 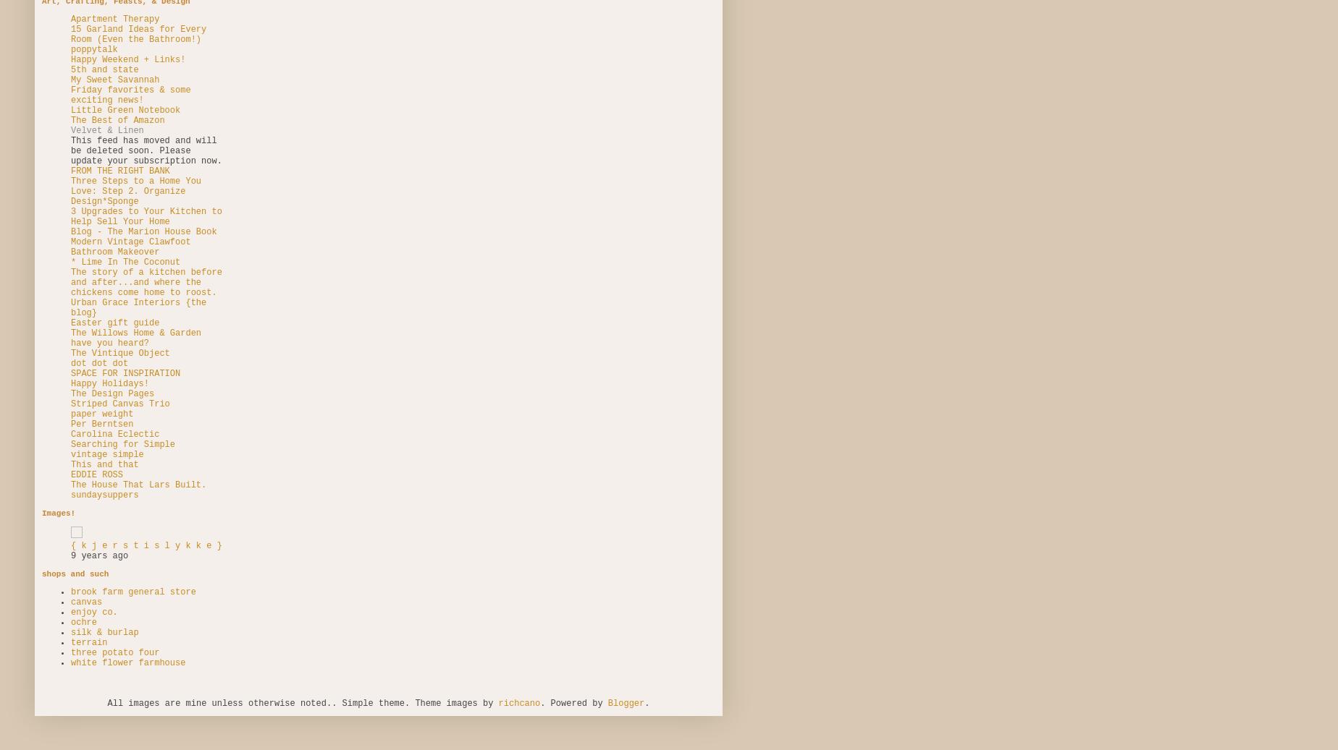 I want to click on 'Searching for Simple', so click(x=70, y=444).